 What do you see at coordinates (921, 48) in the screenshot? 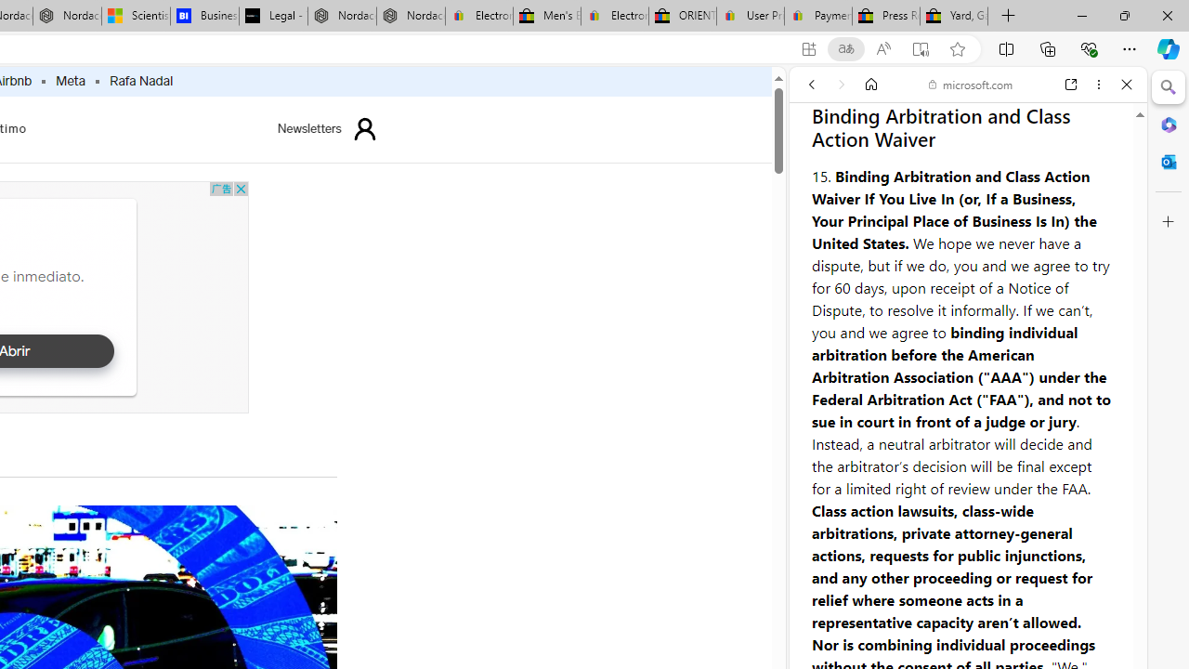
I see `'Enter Immersive Reader (F9)'` at bounding box center [921, 48].